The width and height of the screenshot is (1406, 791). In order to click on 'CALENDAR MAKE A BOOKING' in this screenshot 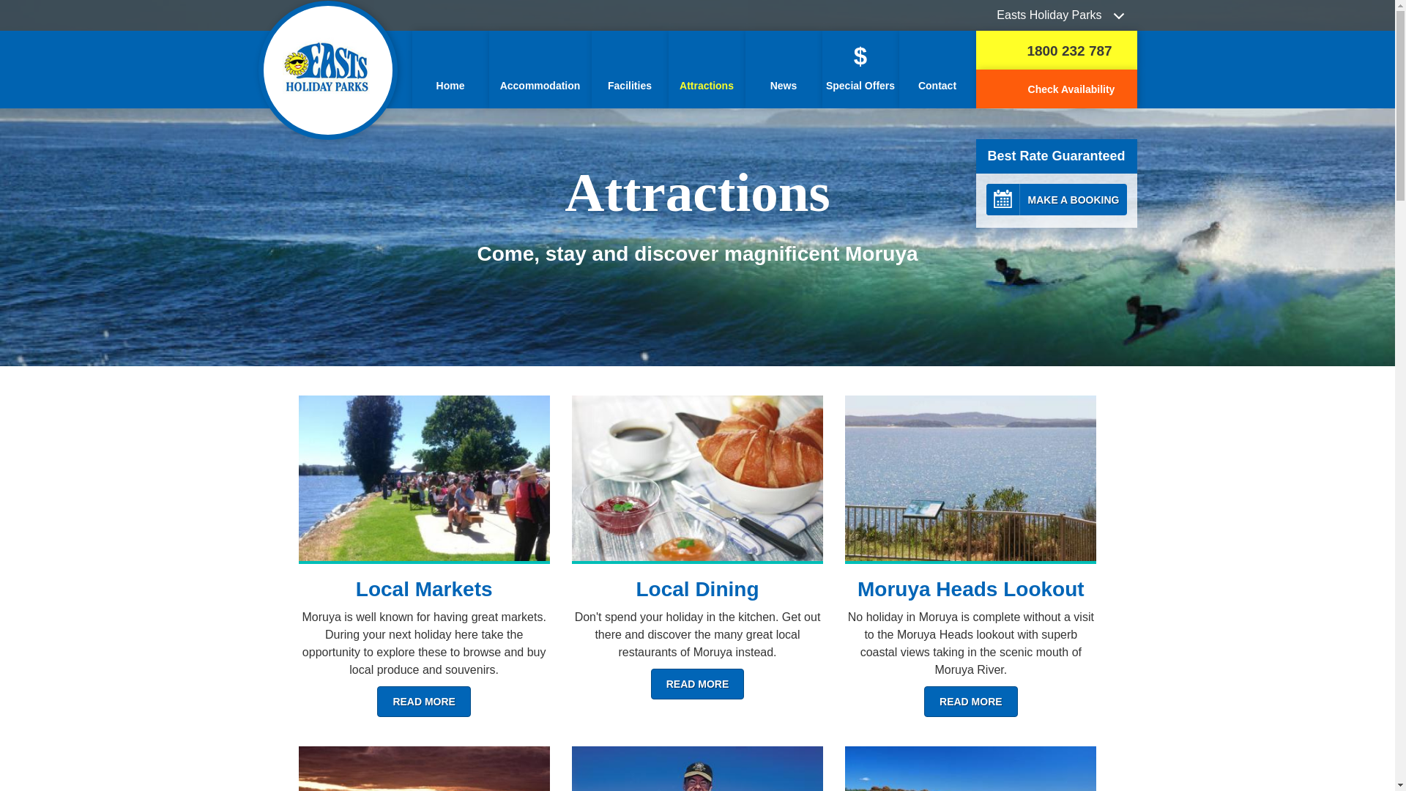, I will do `click(1057, 199)`.